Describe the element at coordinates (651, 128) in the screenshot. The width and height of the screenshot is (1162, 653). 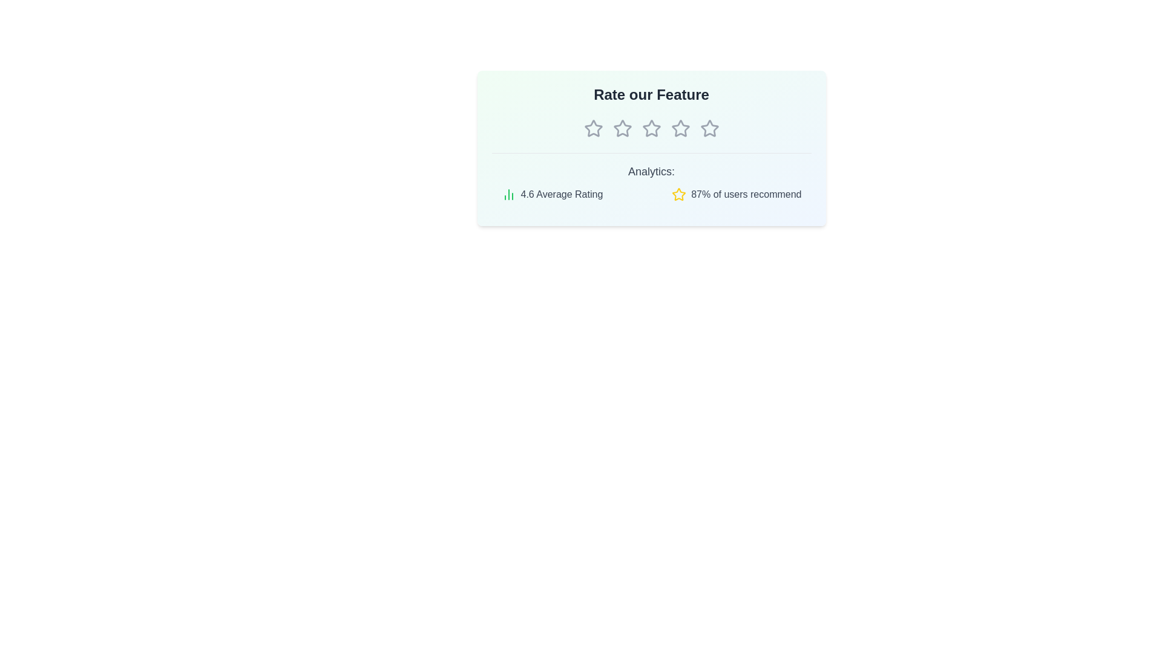
I see `the star corresponding to 3 stars to preview the rating` at that location.